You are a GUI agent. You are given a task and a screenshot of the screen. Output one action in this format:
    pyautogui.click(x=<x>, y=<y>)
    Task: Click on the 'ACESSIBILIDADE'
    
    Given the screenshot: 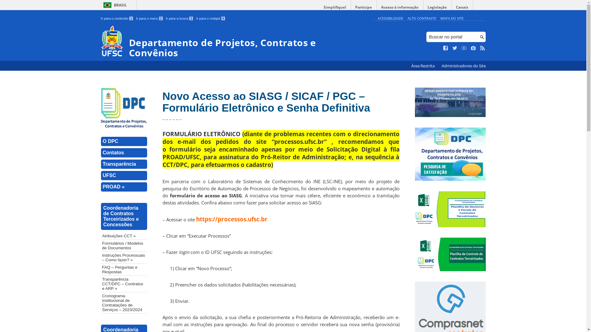 What is the action you would take?
    pyautogui.click(x=390, y=18)
    